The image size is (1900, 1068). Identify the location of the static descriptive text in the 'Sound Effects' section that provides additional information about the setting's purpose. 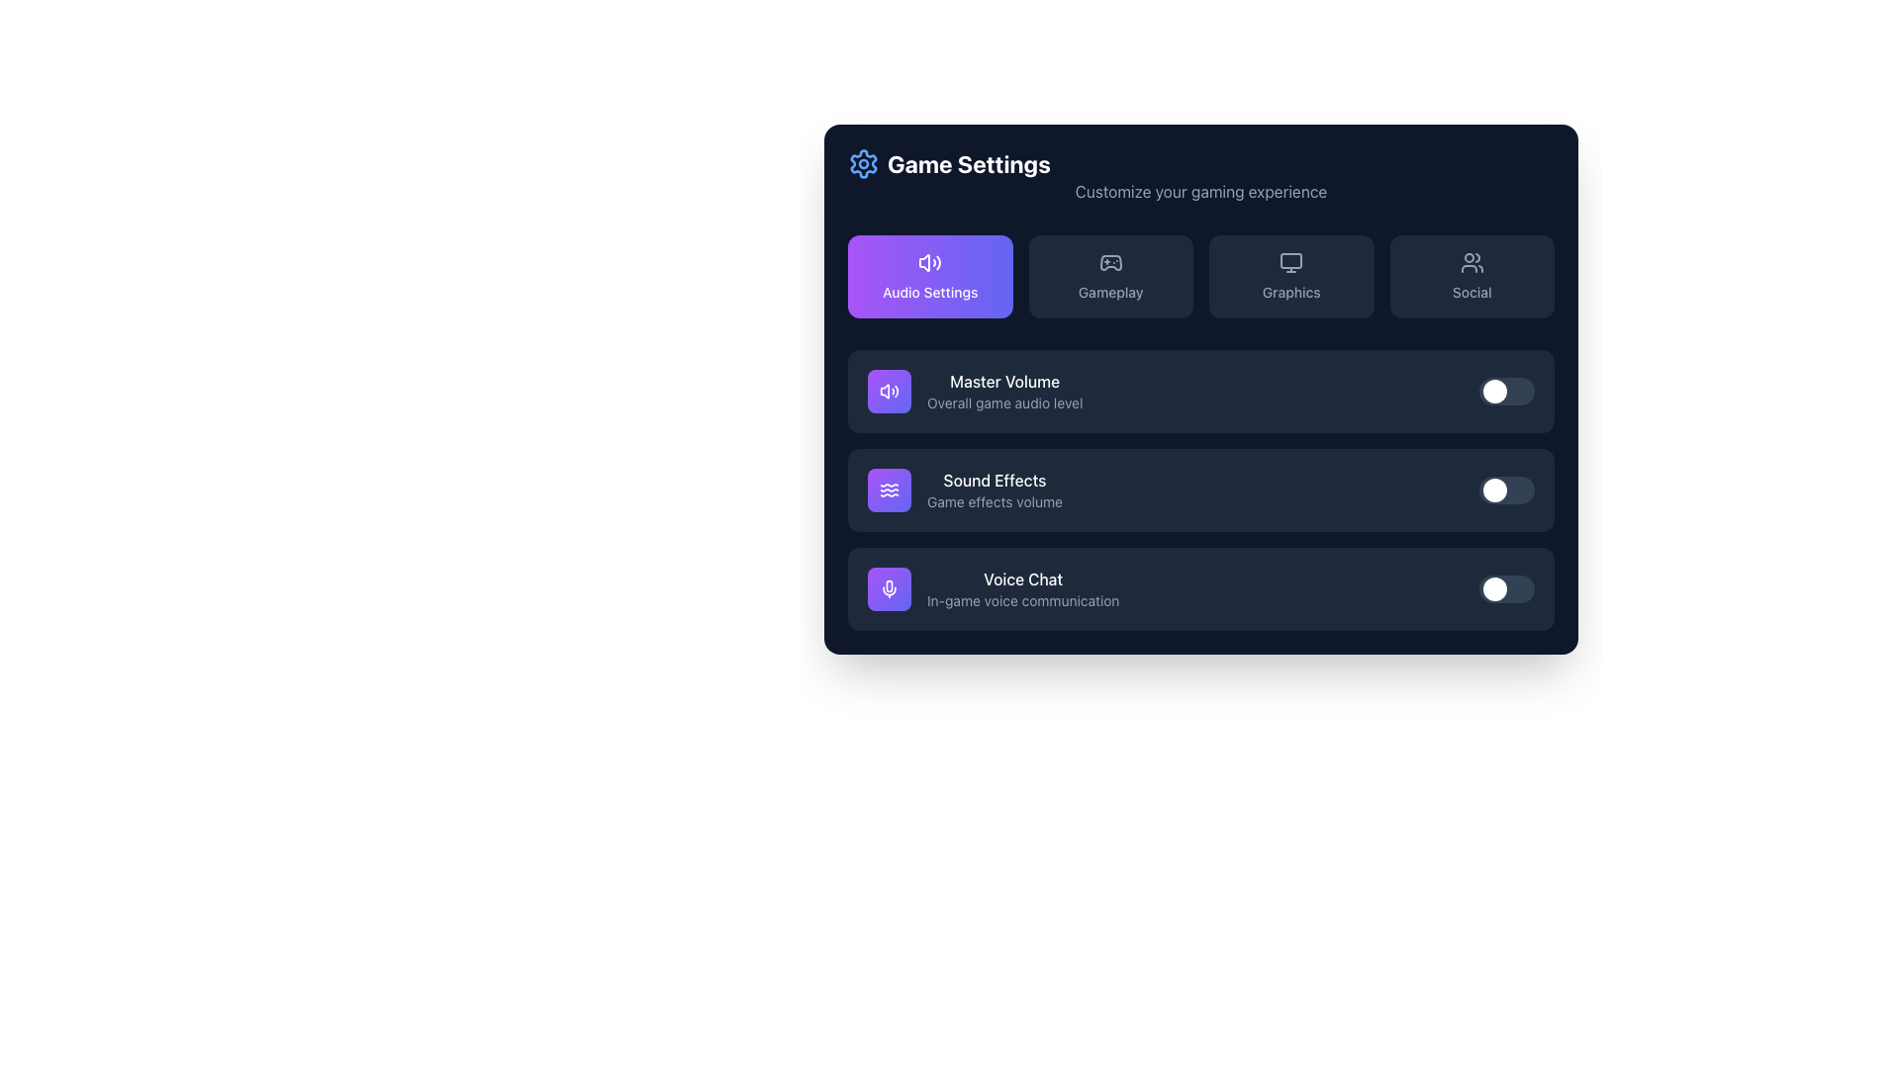
(995, 501).